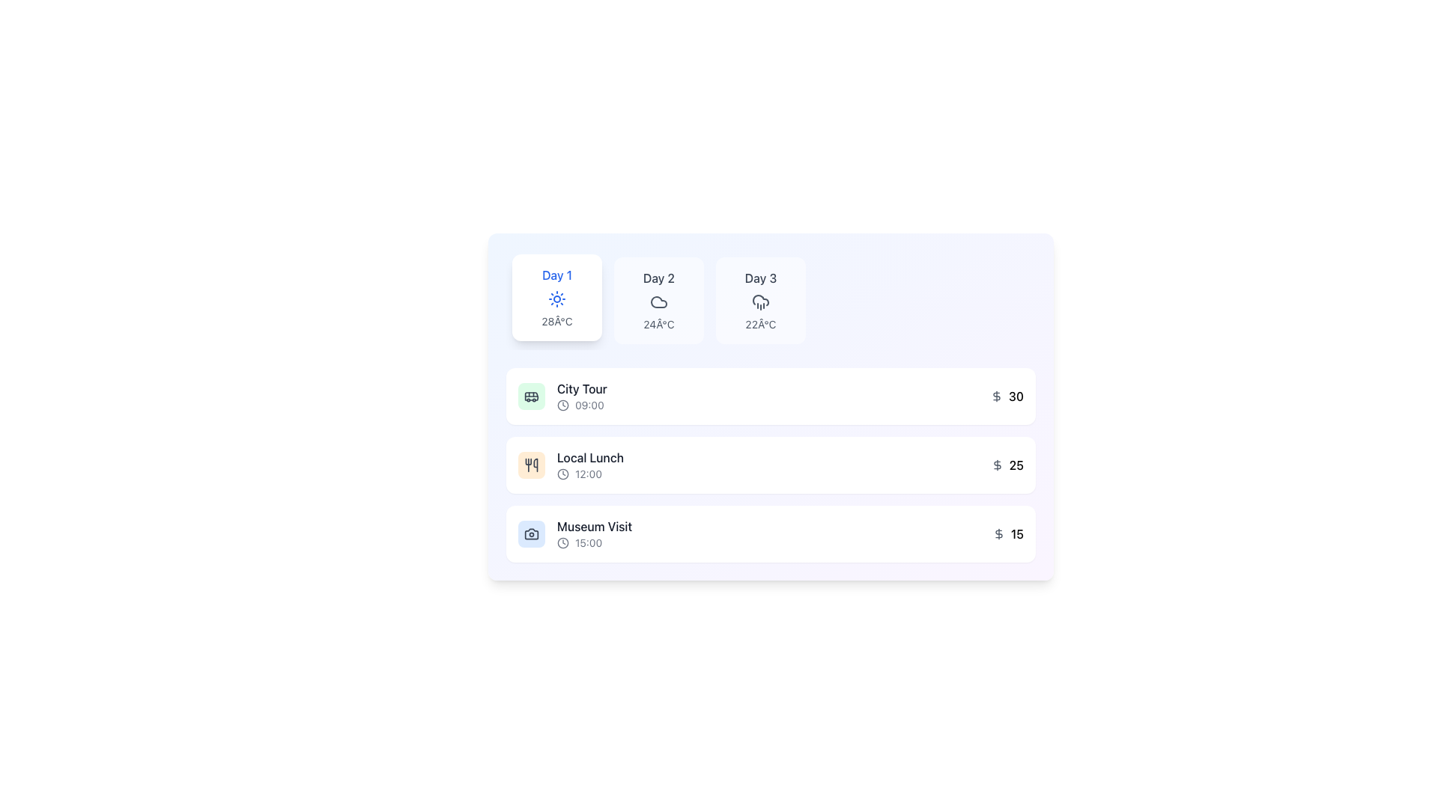 The height and width of the screenshot is (808, 1438). What do you see at coordinates (761, 324) in the screenshot?
I see `the temperature forecast text for 'Day 3', which is located in the third box of the first row, below the weather icon` at bounding box center [761, 324].